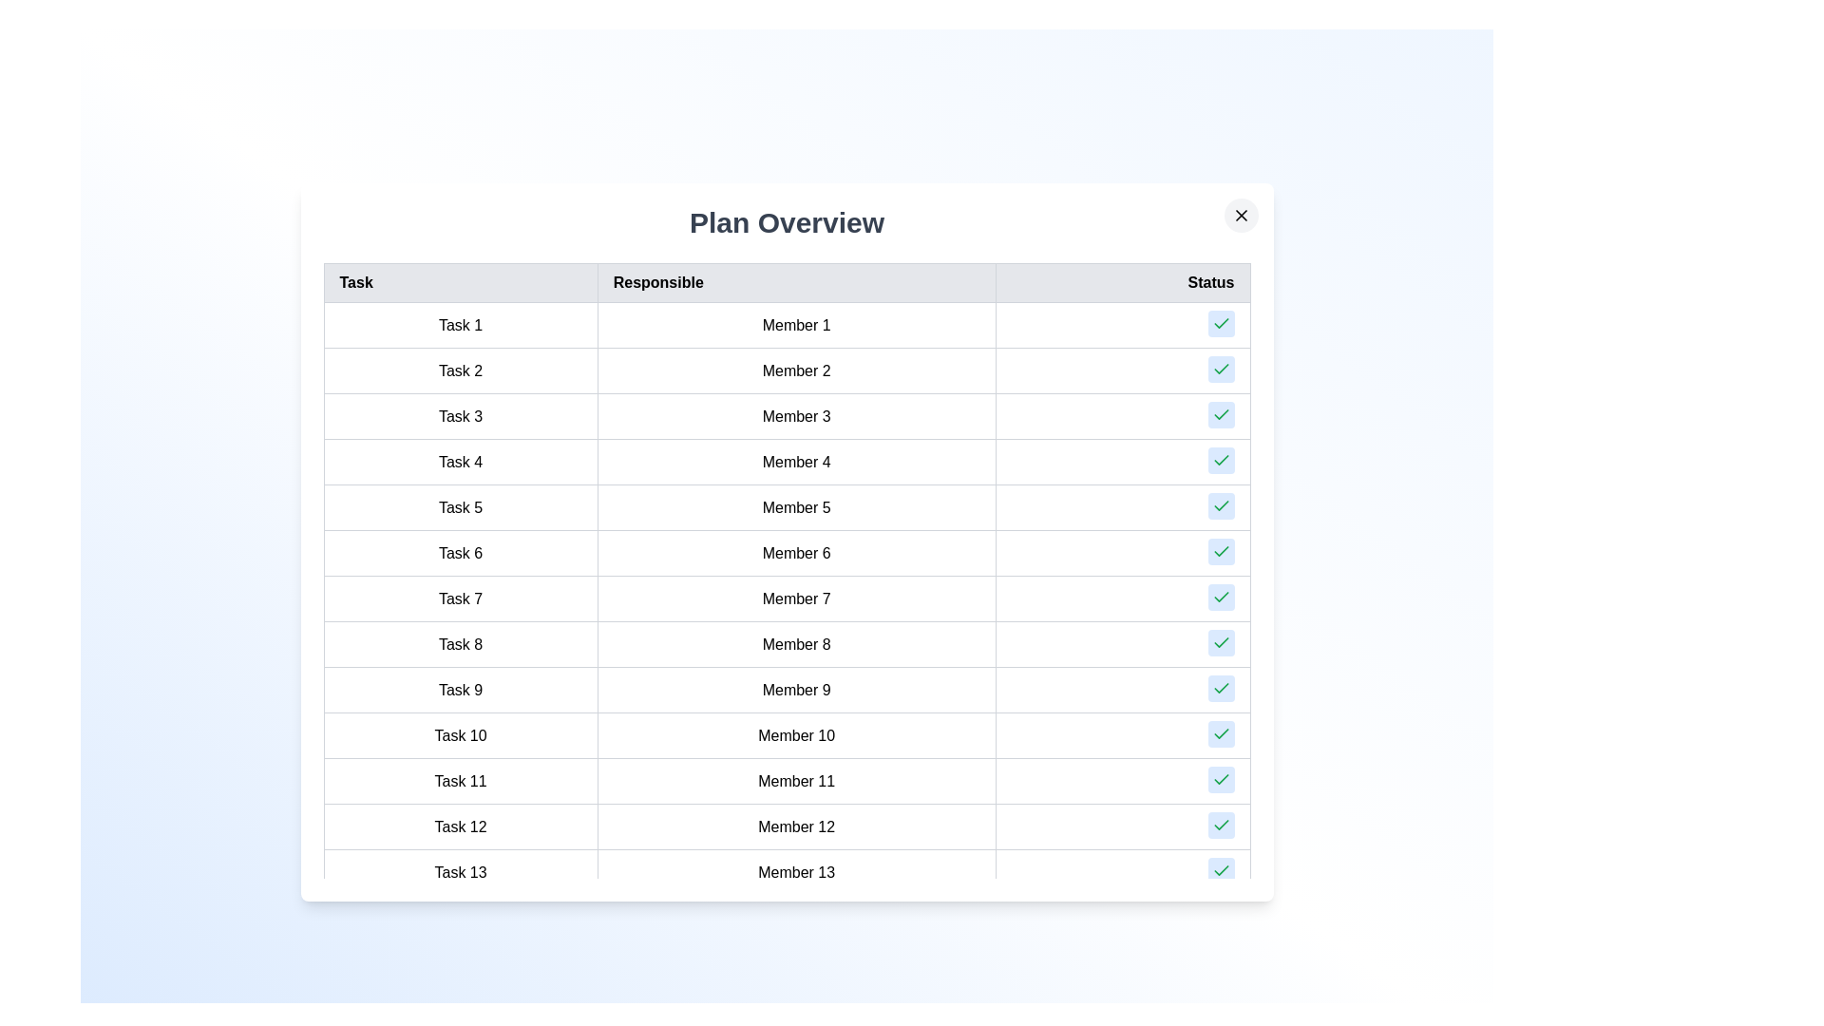 This screenshot has width=1824, height=1026. Describe the element at coordinates (1221, 461) in the screenshot. I see `the 'Check' button for task 4 to mark it as completed` at that location.